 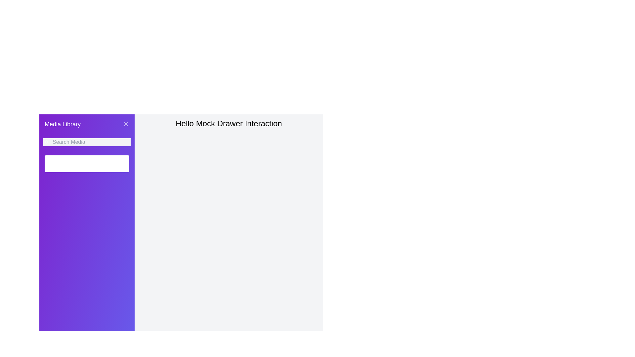 I want to click on the text element that describes the purpose of the 'Drawer' interaction, which is located in the upper section of the main content area adjacent to the purple navigation area, so click(x=229, y=124).